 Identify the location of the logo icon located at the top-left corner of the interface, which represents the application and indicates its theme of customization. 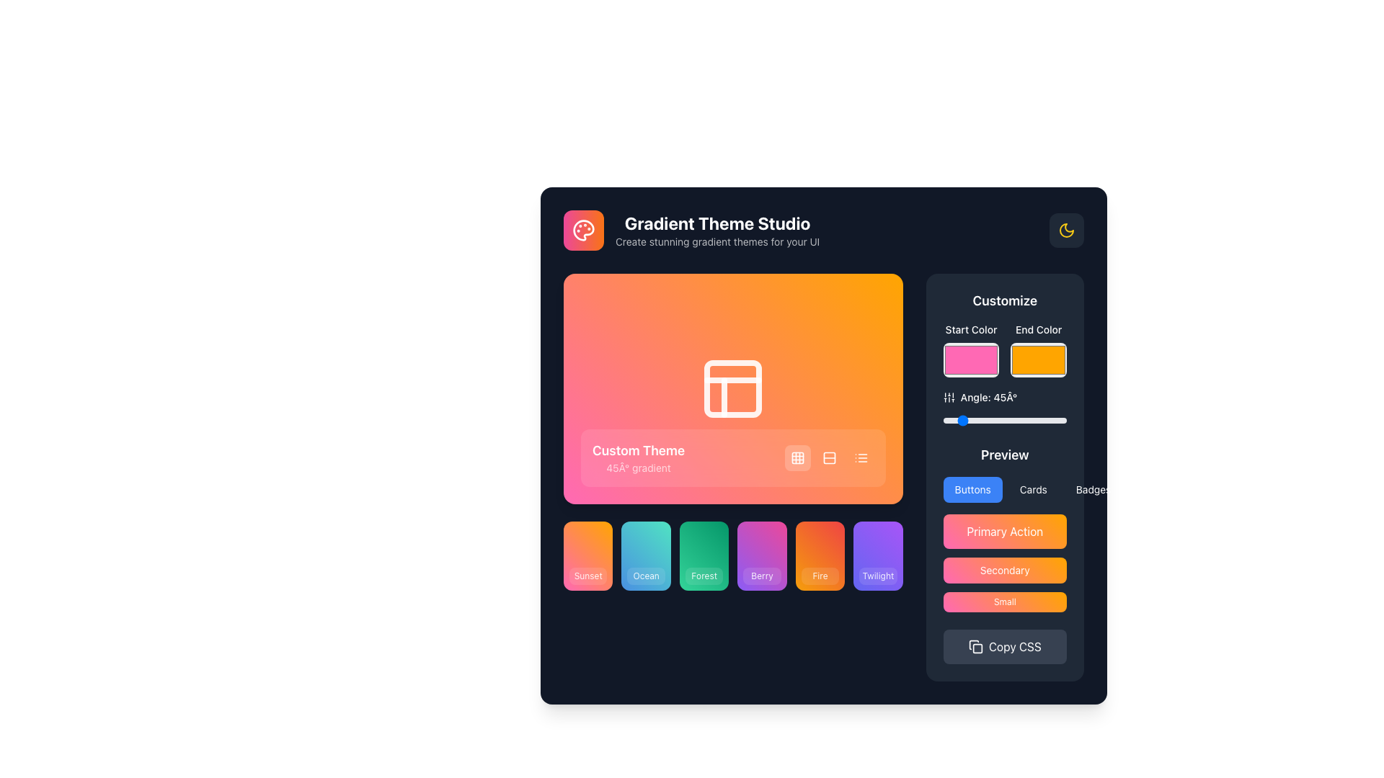
(584, 230).